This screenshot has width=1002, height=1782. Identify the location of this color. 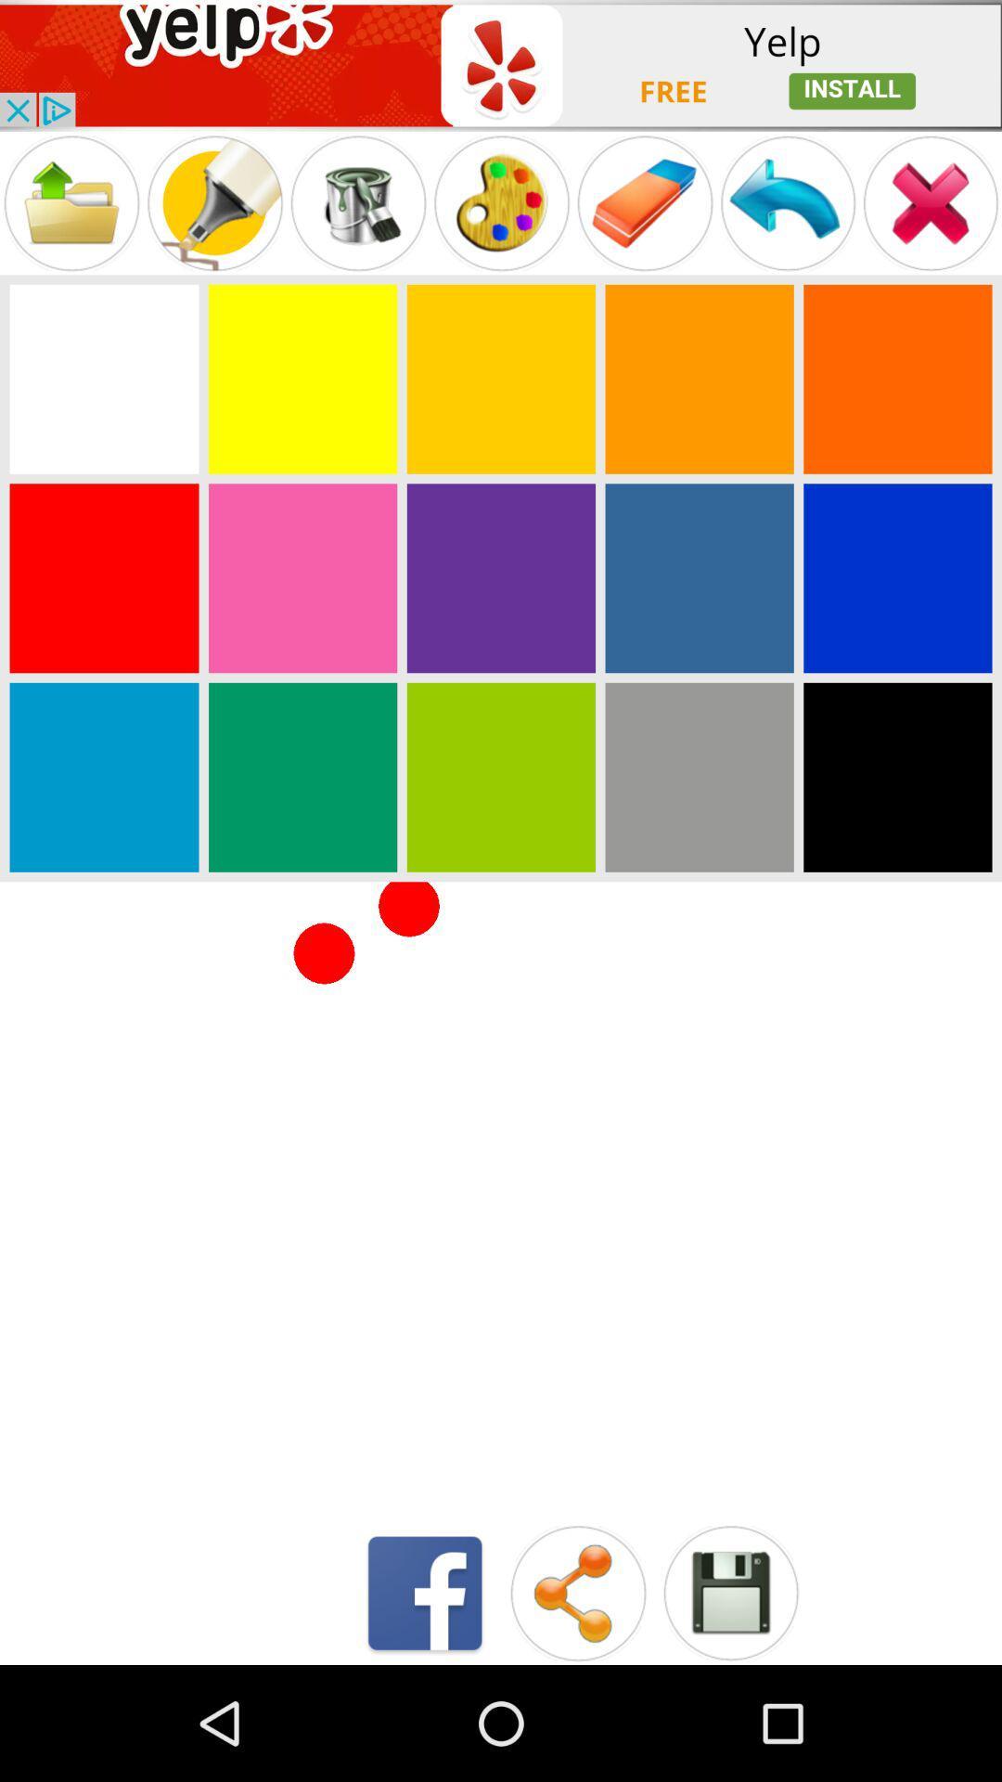
(896, 777).